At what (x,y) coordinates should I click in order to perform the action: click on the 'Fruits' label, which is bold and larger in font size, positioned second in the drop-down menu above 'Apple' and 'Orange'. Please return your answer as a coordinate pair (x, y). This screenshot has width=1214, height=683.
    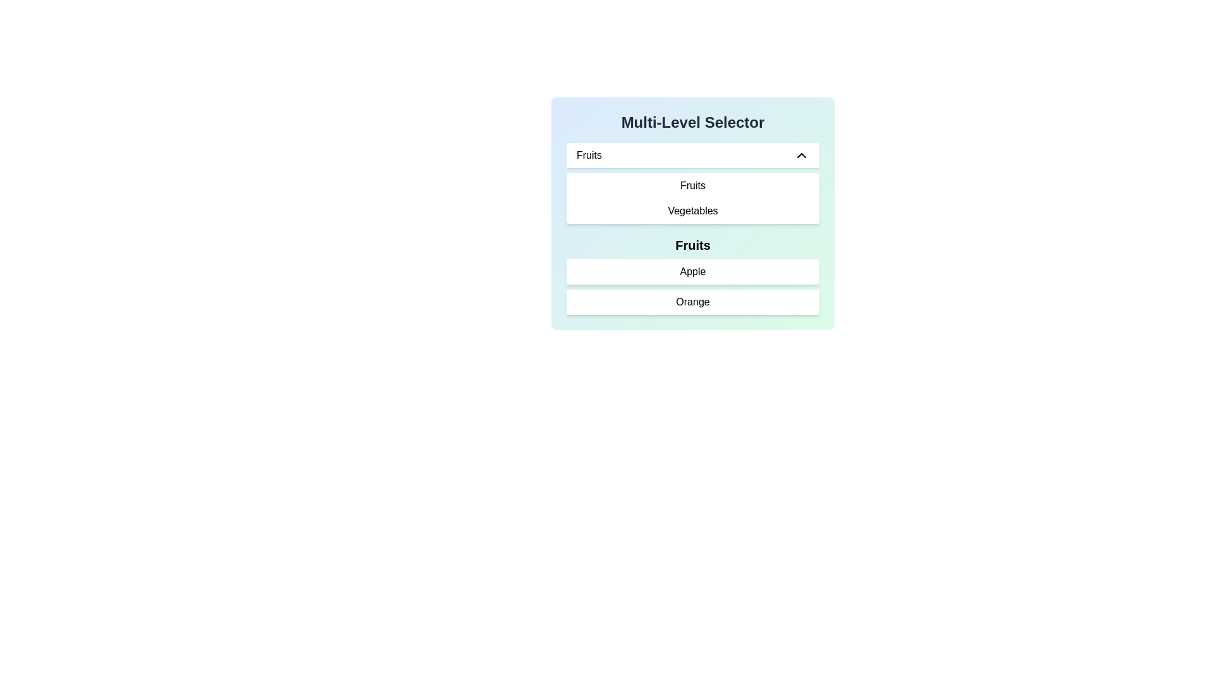
    Looking at the image, I should click on (692, 245).